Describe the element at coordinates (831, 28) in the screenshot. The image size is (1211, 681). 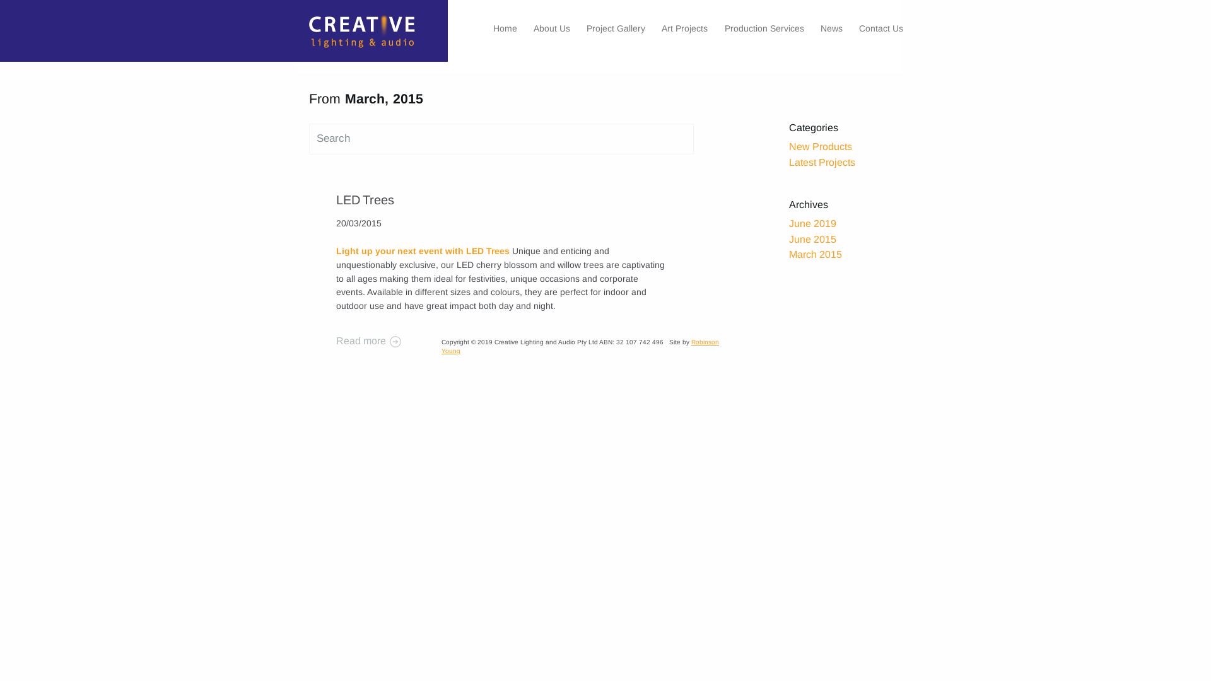
I see `'News'` at that location.